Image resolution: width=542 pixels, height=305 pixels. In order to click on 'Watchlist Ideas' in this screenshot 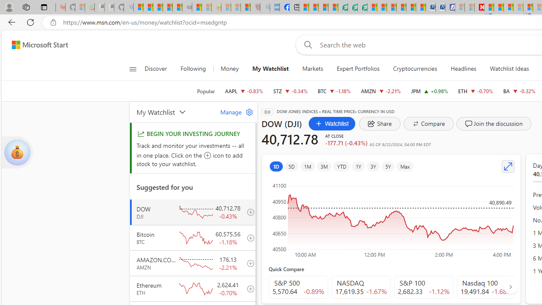, I will do `click(509, 69)`.